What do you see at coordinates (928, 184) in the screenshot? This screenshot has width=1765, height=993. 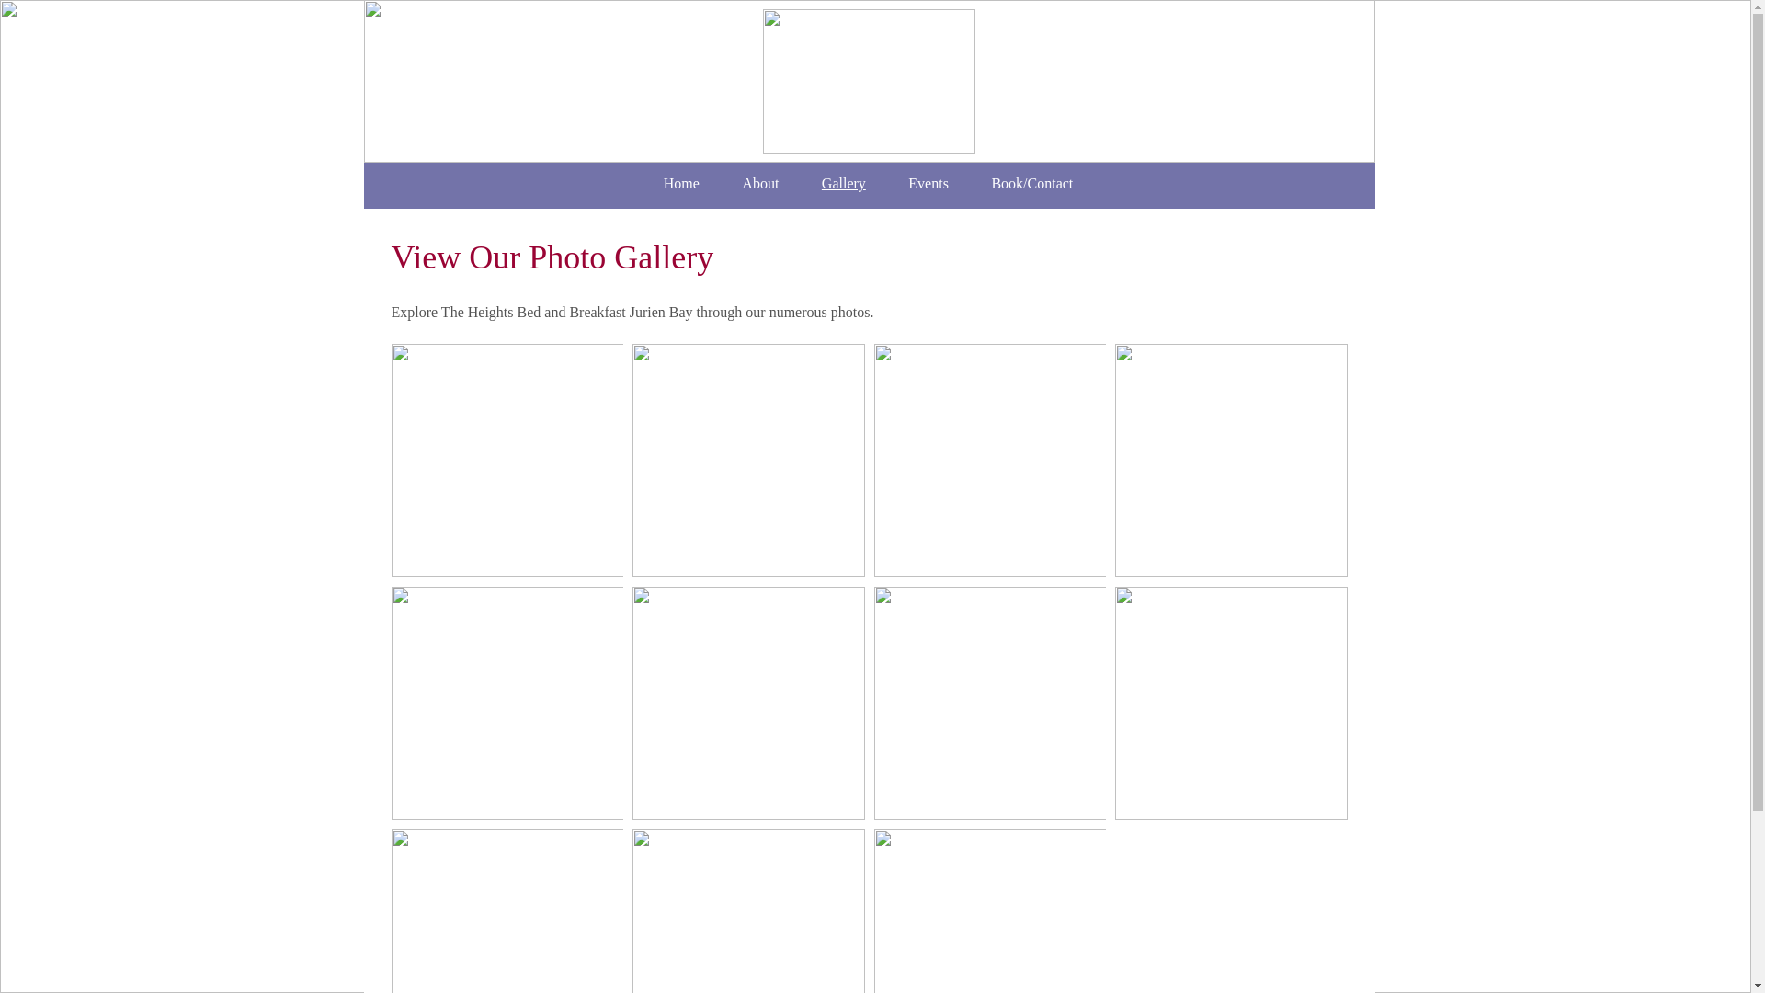 I see `'Events'` at bounding box center [928, 184].